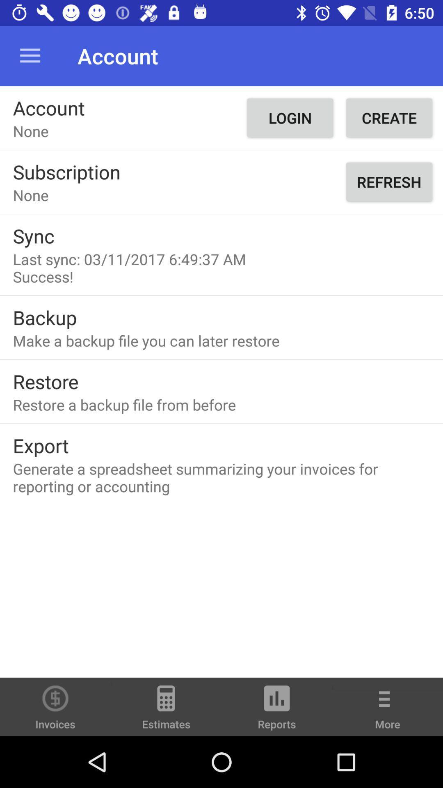  I want to click on icon next to the reports, so click(166, 710).